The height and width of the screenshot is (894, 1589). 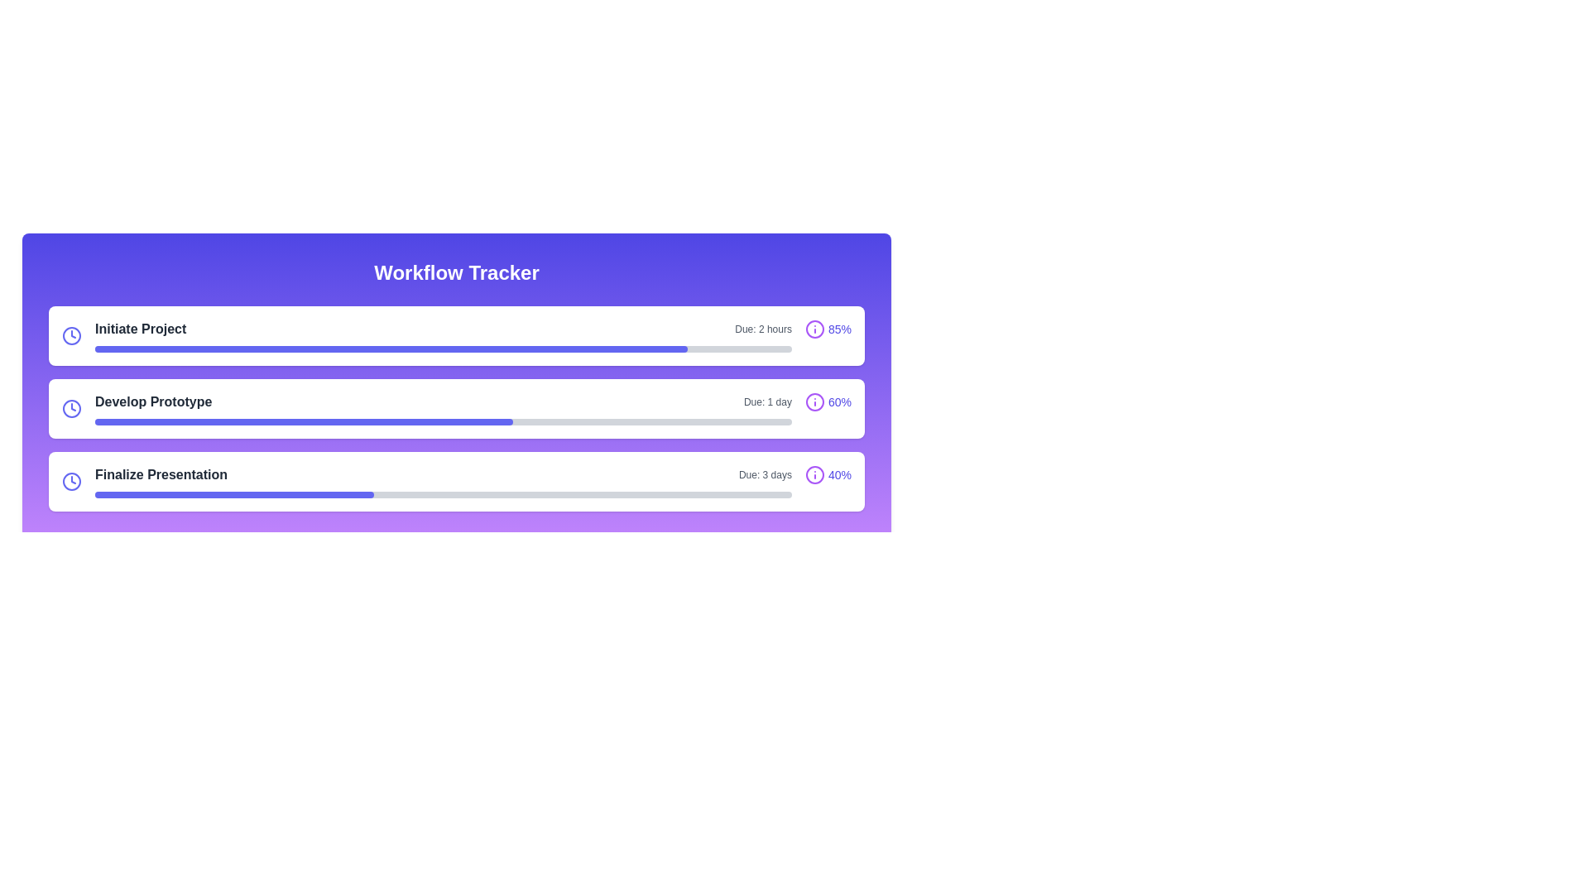 I want to click on the progress displayed on the indigo progress bar located within the 'Initiate Project' panel, positioned below the text 'Due: 2 hours', so click(x=444, y=348).